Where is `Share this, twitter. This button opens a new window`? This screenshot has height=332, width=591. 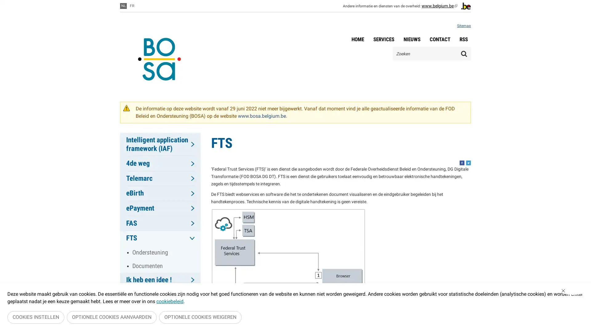 Share this, twitter. This button opens a new window is located at coordinates (468, 162).